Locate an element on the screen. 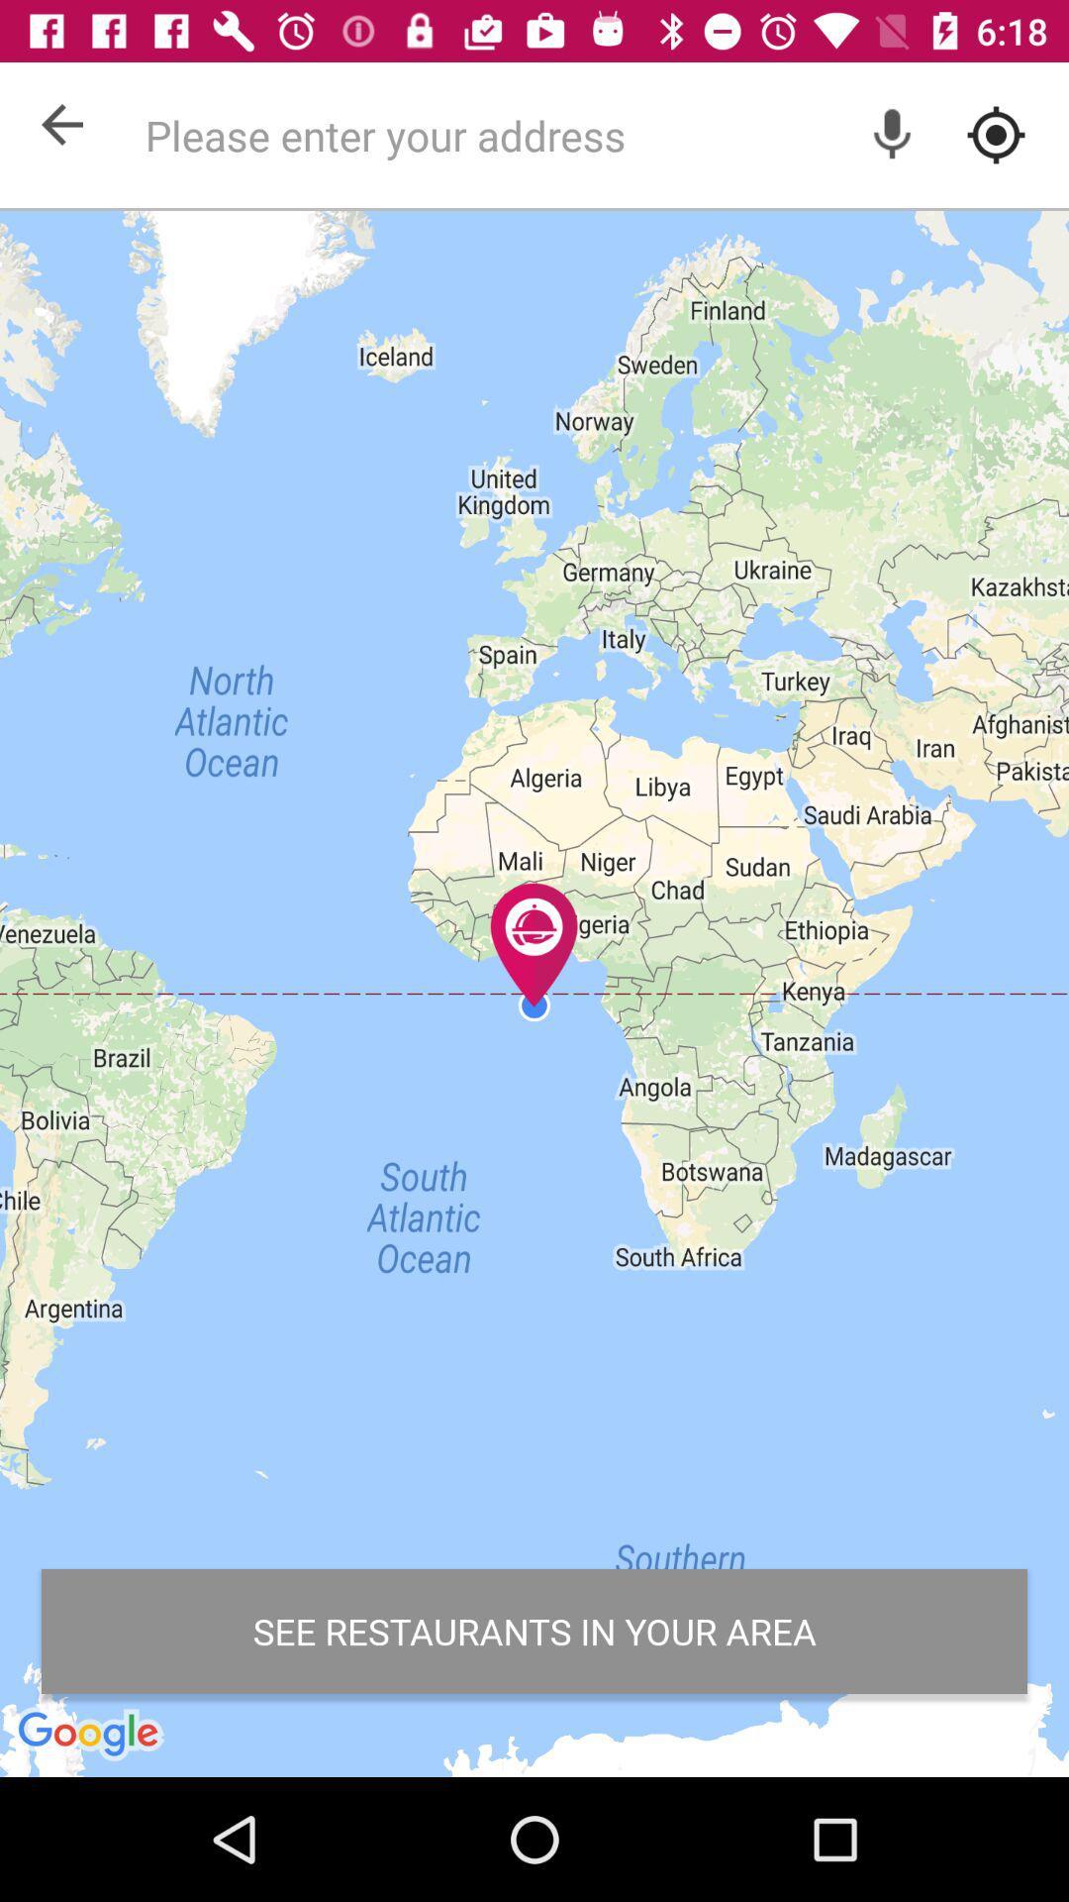 This screenshot has height=1902, width=1069. address is located at coordinates (595, 134).